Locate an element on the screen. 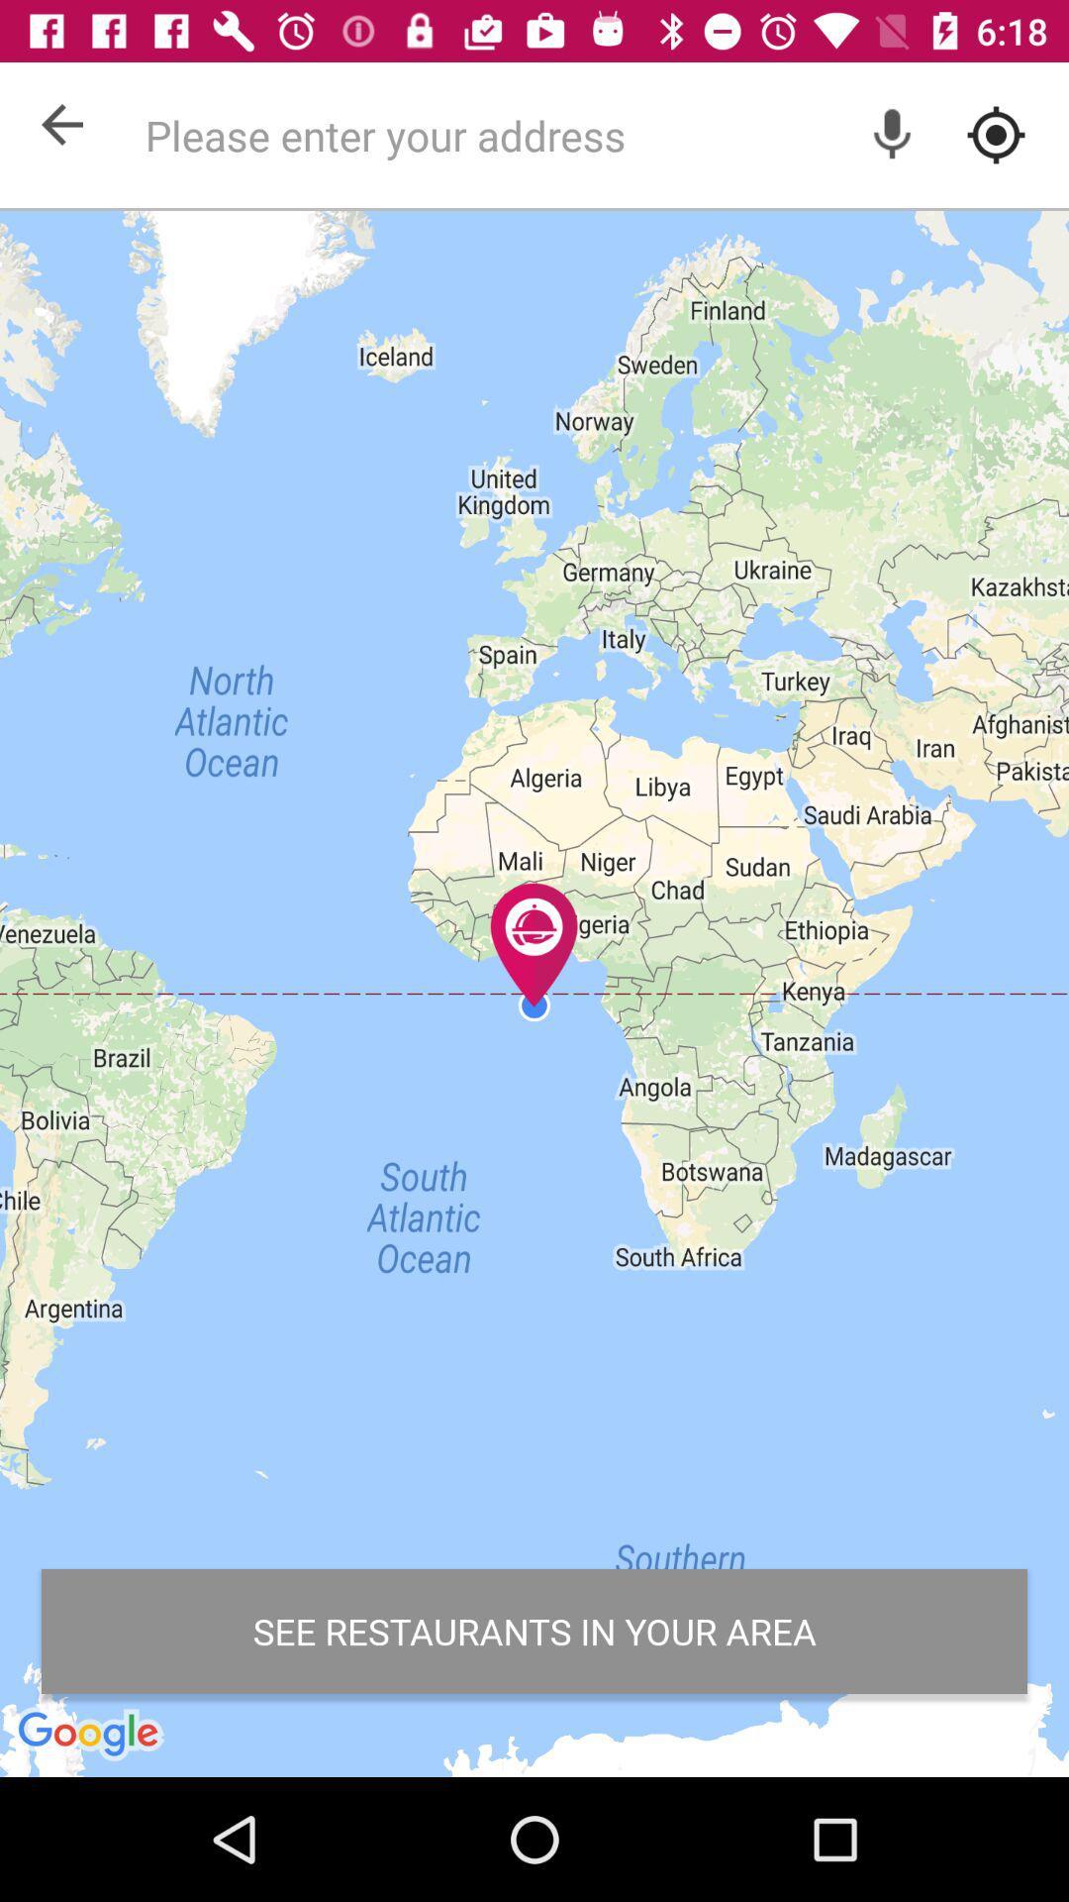 This screenshot has height=1902, width=1069. address is located at coordinates (595, 134).